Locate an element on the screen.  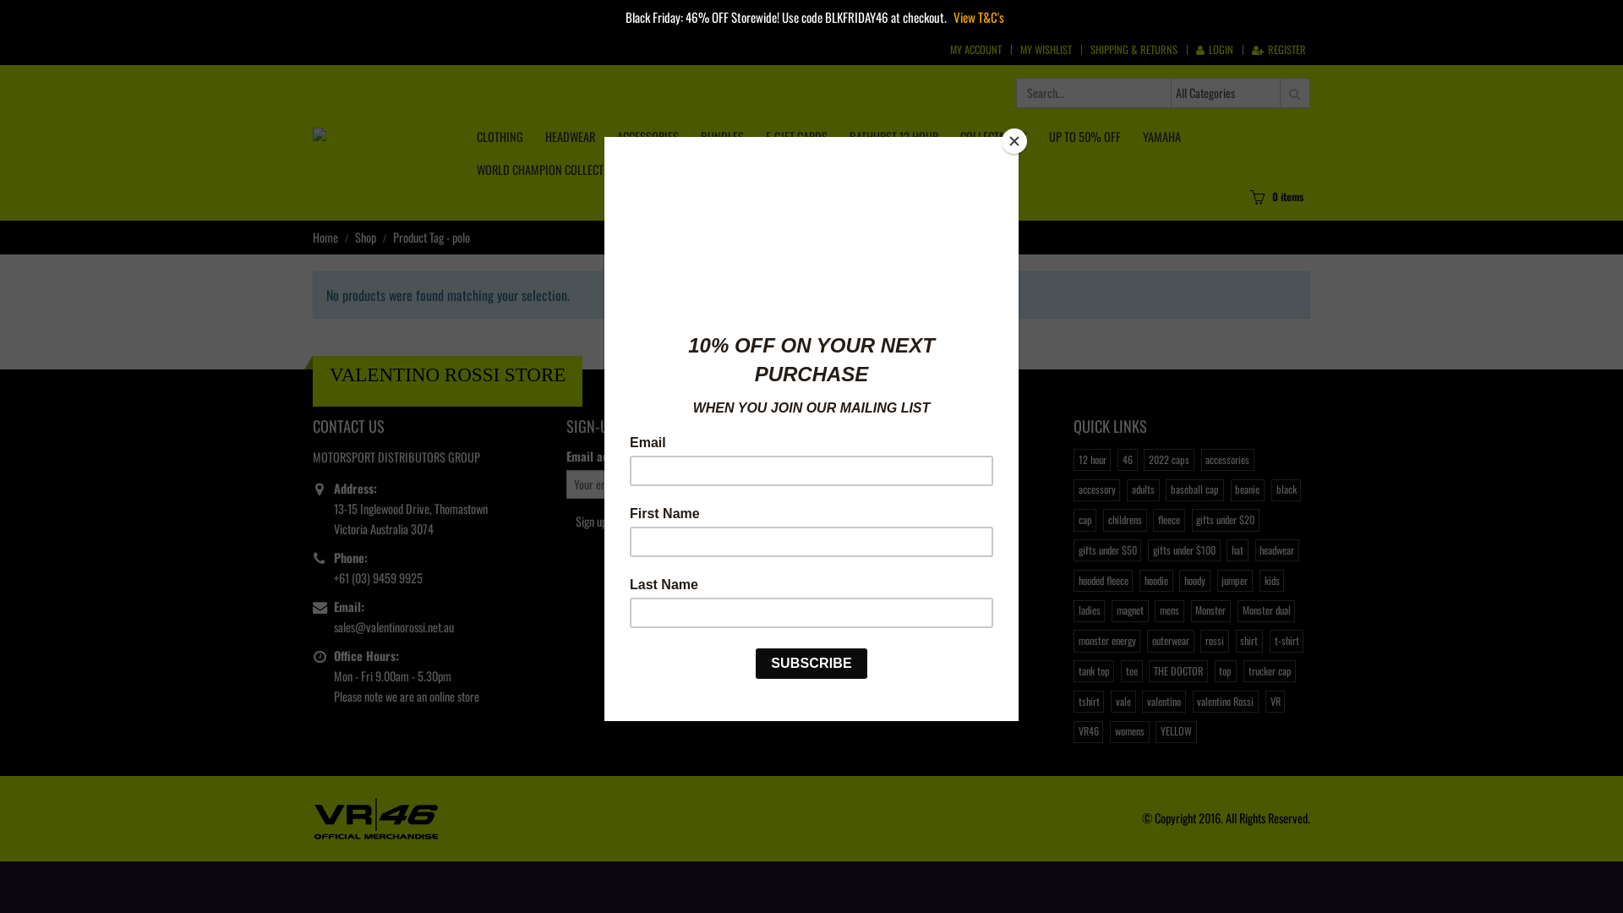
'outerwear' is located at coordinates (1169, 641).